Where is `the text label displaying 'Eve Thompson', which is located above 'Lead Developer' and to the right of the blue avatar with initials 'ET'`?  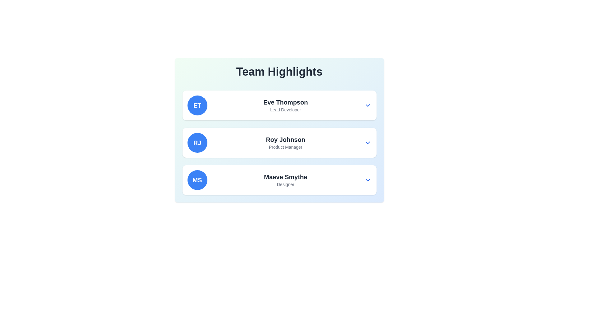 the text label displaying 'Eve Thompson', which is located above 'Lead Developer' and to the right of the blue avatar with initials 'ET' is located at coordinates (285, 102).